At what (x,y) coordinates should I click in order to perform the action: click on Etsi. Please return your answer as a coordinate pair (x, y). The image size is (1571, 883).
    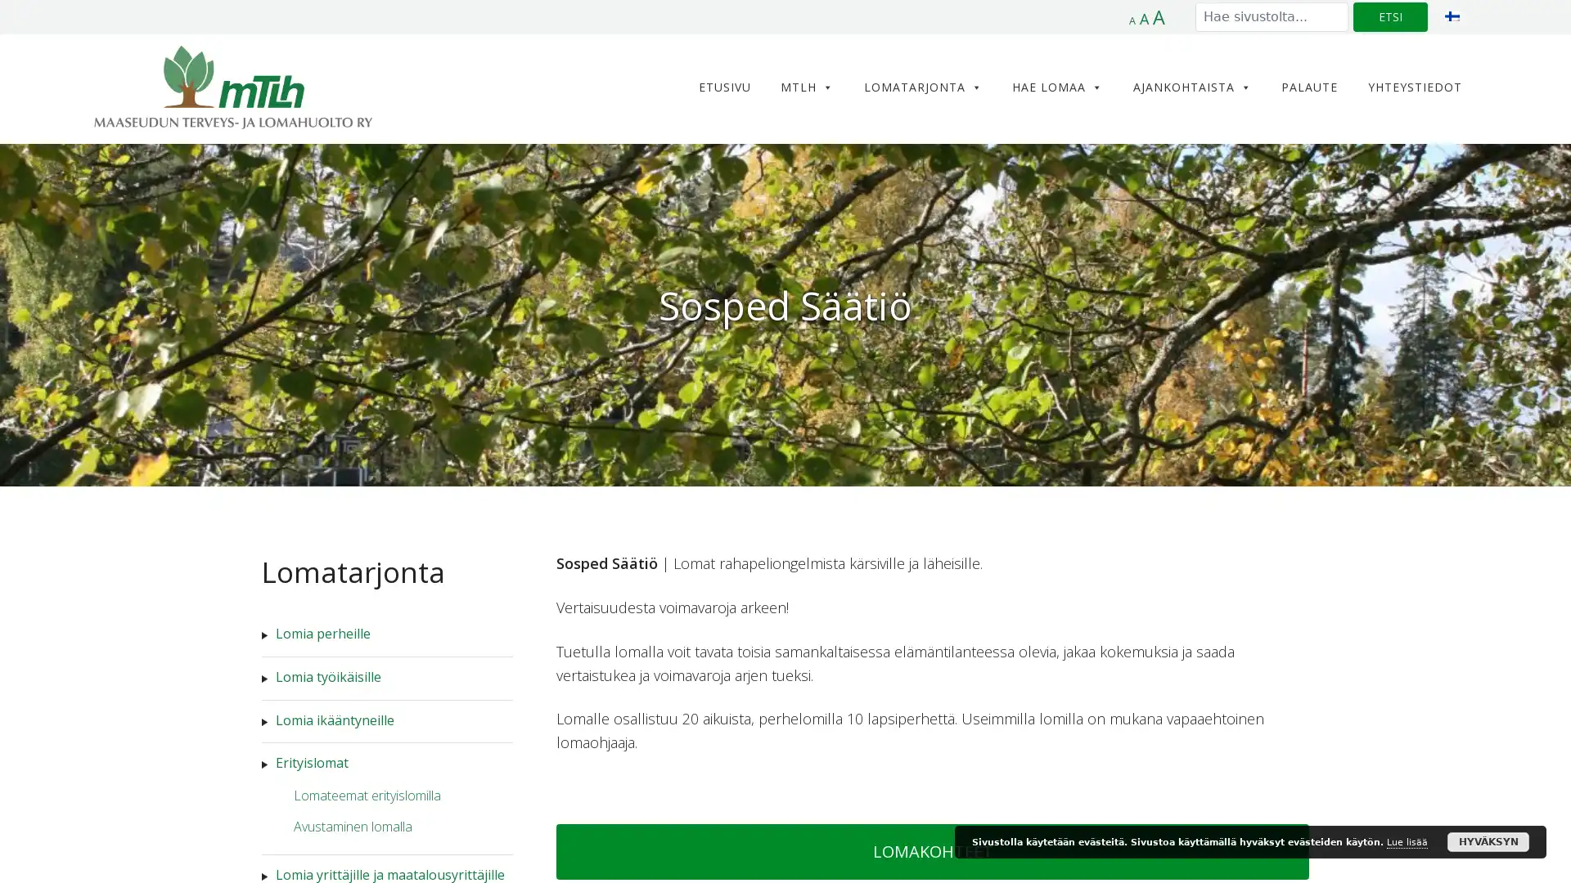
    Looking at the image, I should click on (1389, 16).